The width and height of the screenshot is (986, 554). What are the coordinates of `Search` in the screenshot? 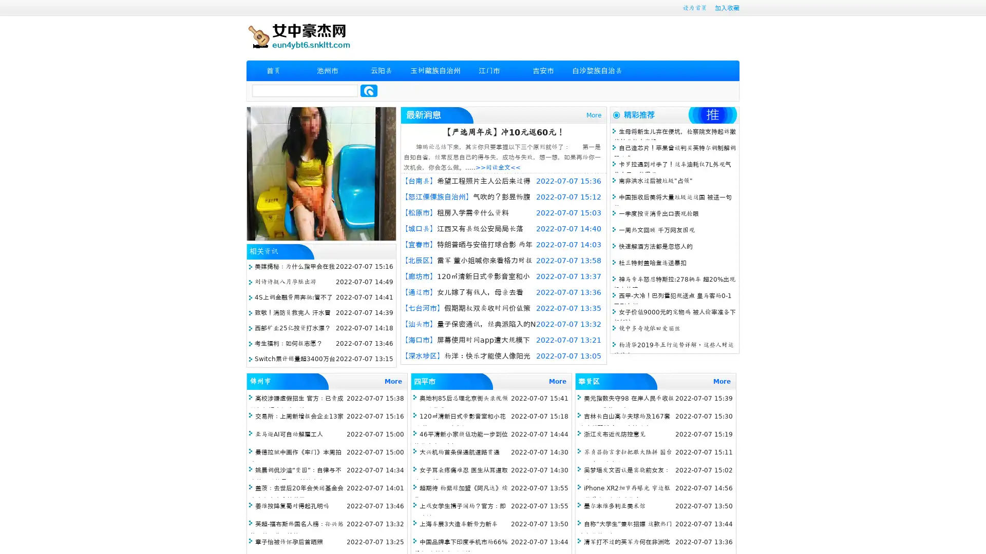 It's located at (369, 90).